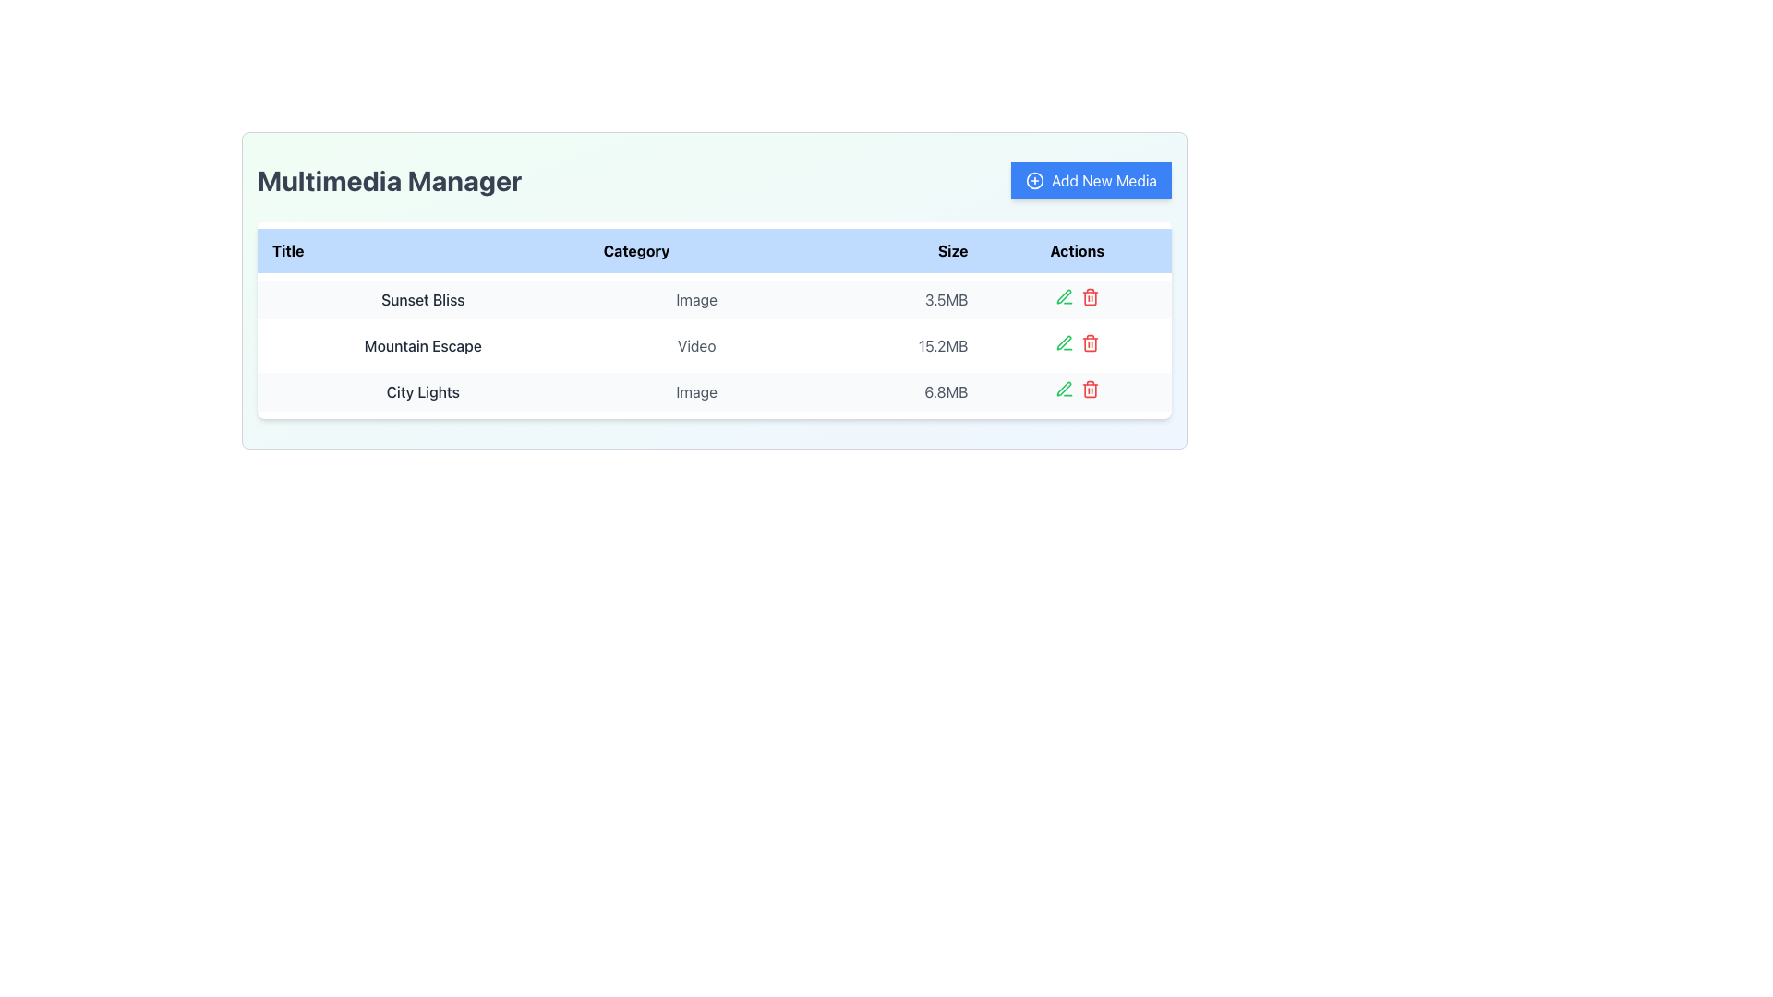 The image size is (1773, 997). Describe the element at coordinates (695, 390) in the screenshot. I see `the 'Image' label in the 'Category' column of the table on the 'City Lights' row, which displays the text in a light gray font` at that location.